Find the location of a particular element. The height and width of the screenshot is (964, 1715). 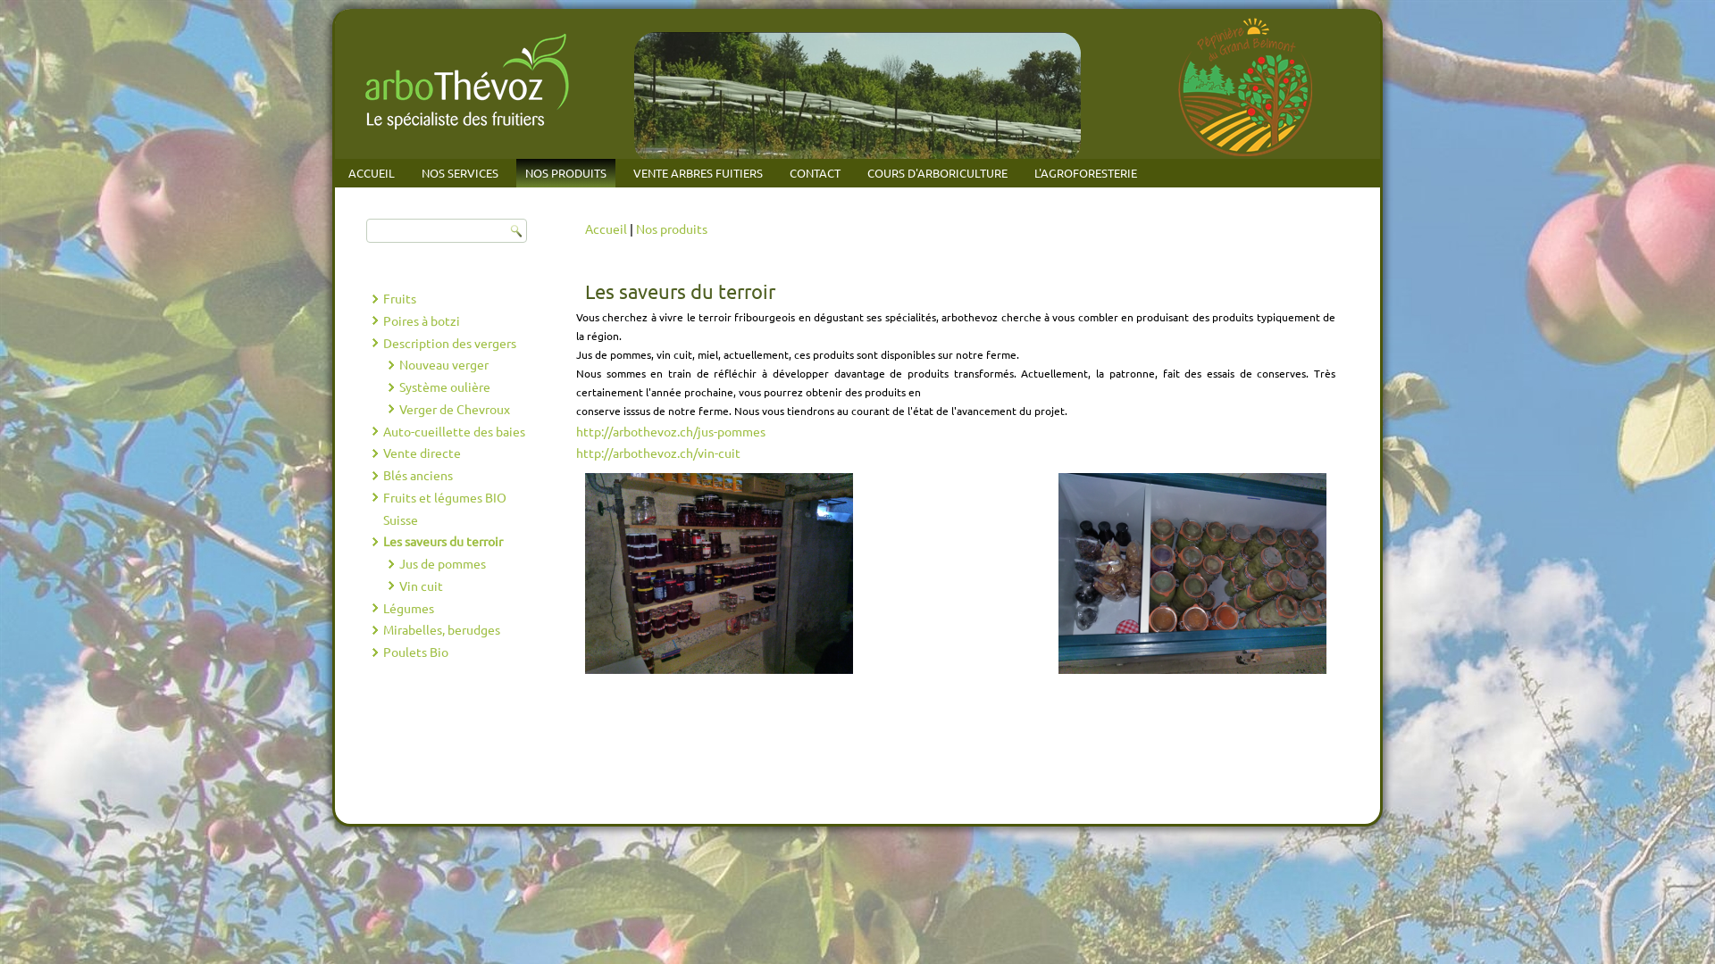

'Poulets Bio' is located at coordinates (414, 651).